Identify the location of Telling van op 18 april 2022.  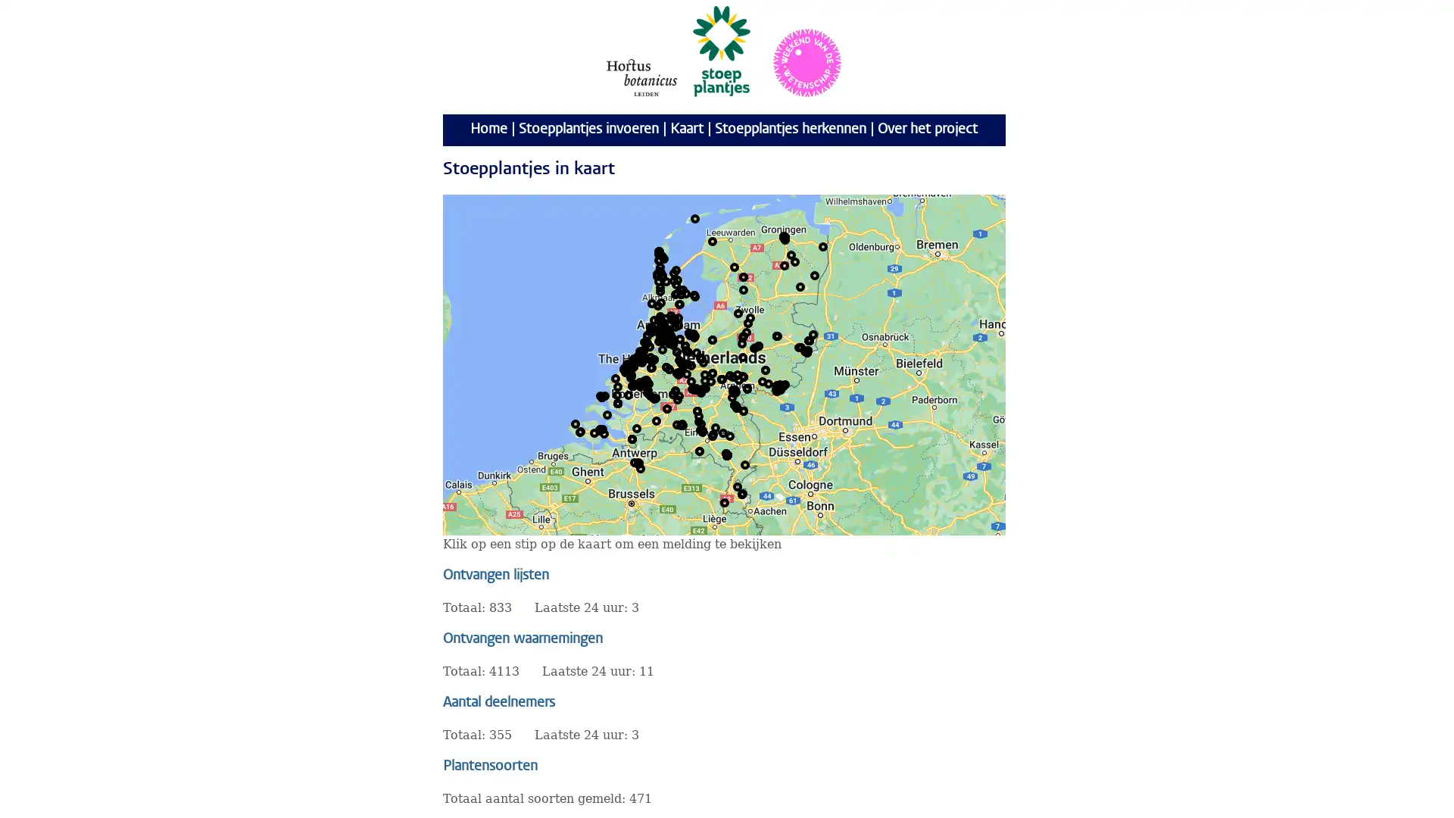
(651, 331).